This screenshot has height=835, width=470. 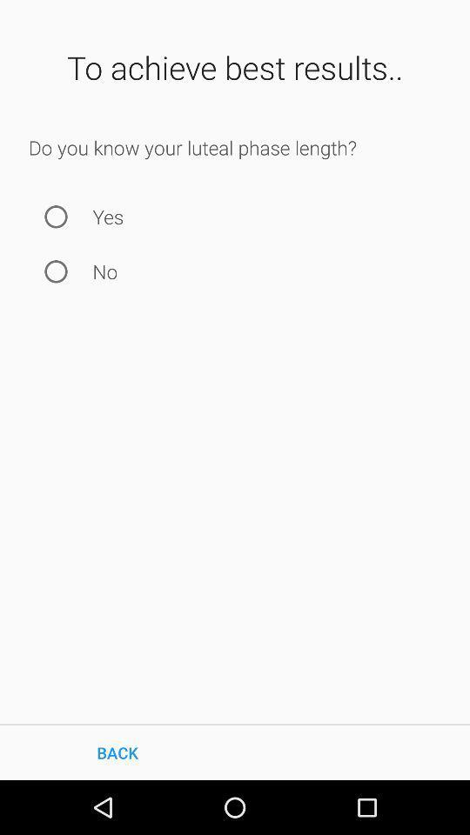 I want to click on the back, so click(x=117, y=751).